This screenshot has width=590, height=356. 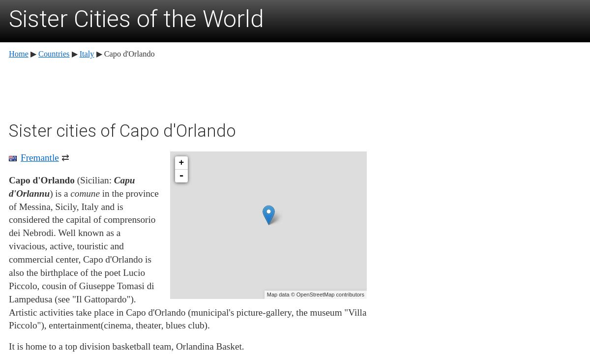 What do you see at coordinates (74, 179) in the screenshot?
I see `'(Sicilian:'` at bounding box center [74, 179].